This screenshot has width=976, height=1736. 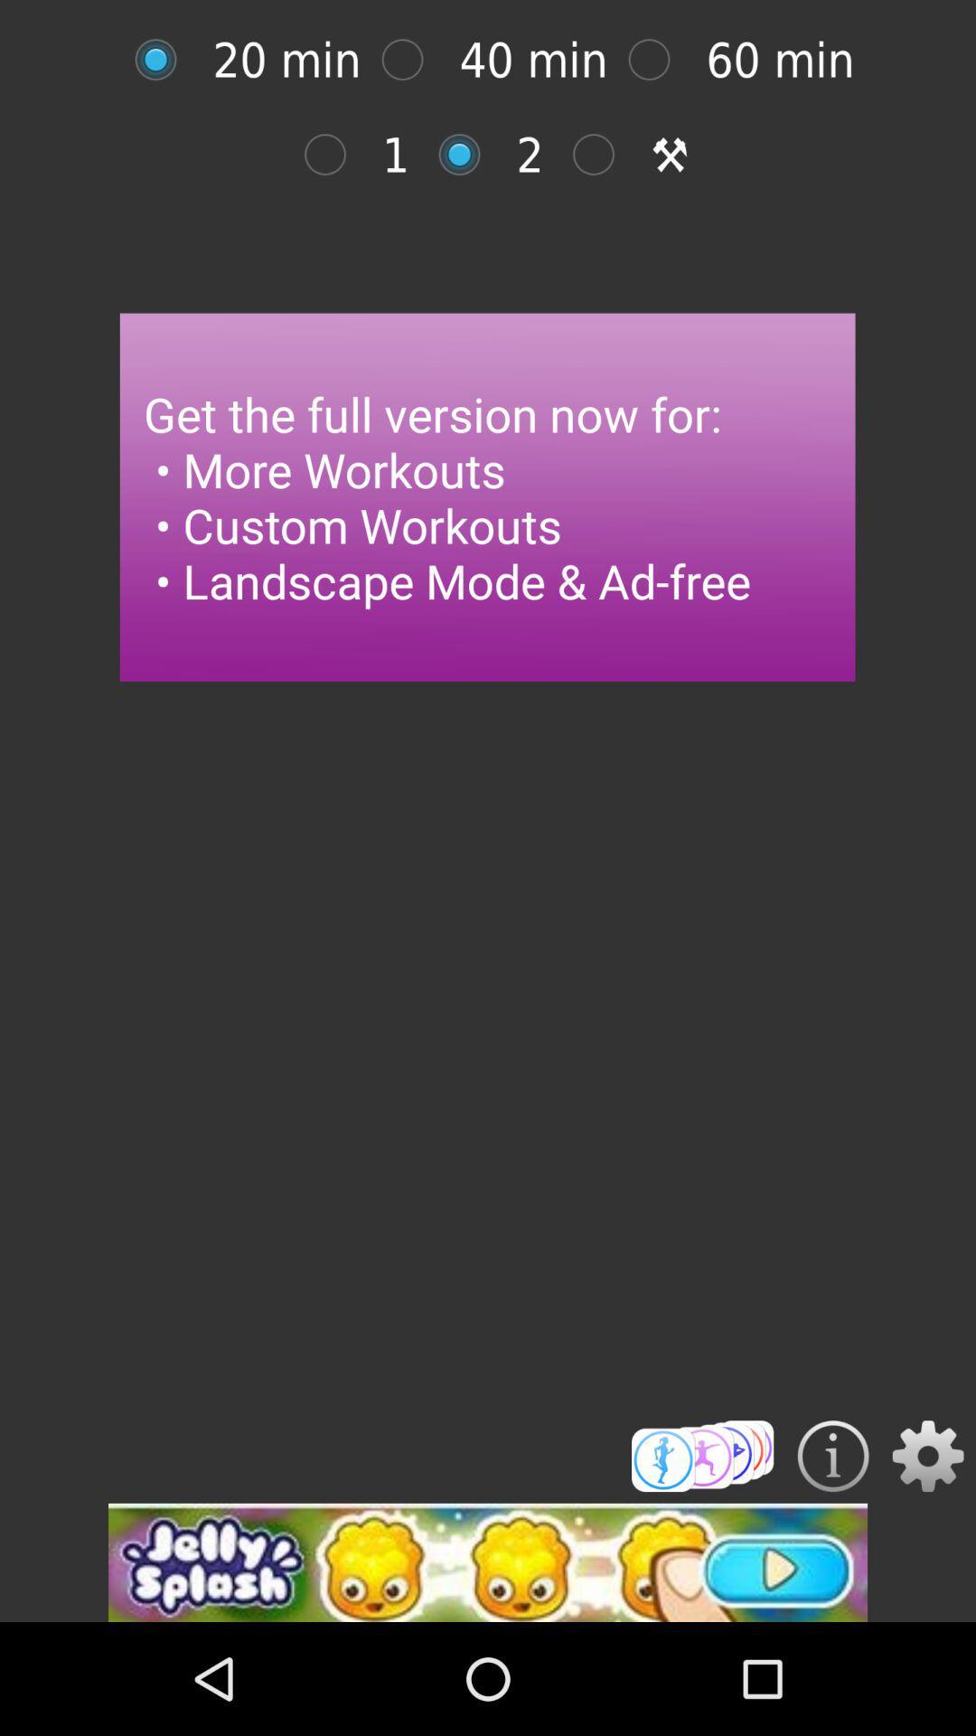 I want to click on mention of option, so click(x=468, y=155).